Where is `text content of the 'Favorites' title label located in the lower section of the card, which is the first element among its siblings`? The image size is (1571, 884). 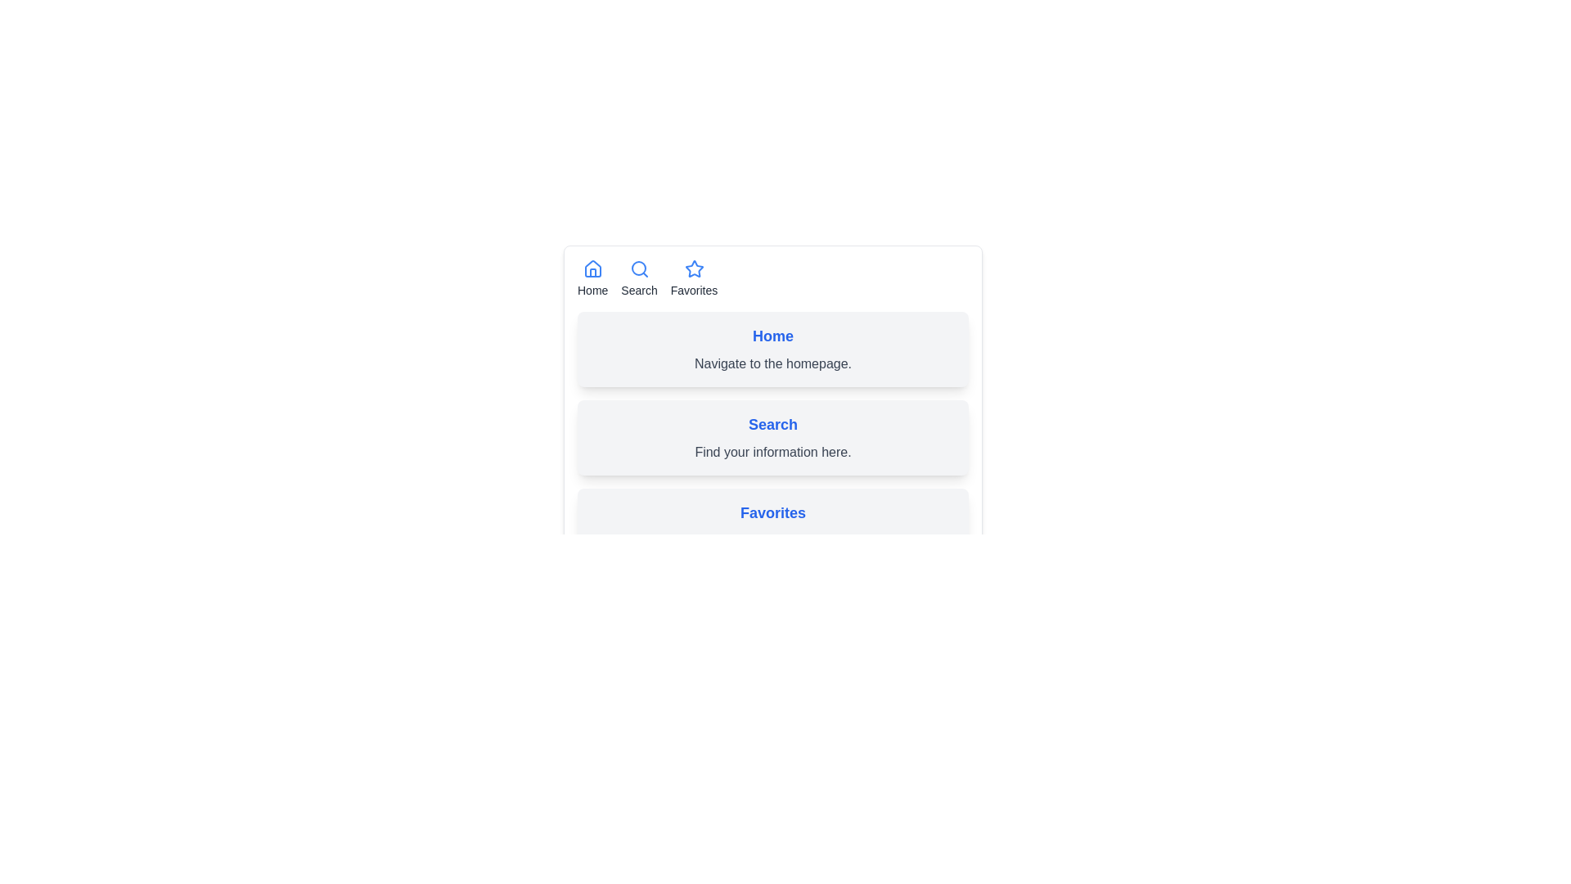
text content of the 'Favorites' title label located in the lower section of the card, which is the first element among its siblings is located at coordinates (772, 512).